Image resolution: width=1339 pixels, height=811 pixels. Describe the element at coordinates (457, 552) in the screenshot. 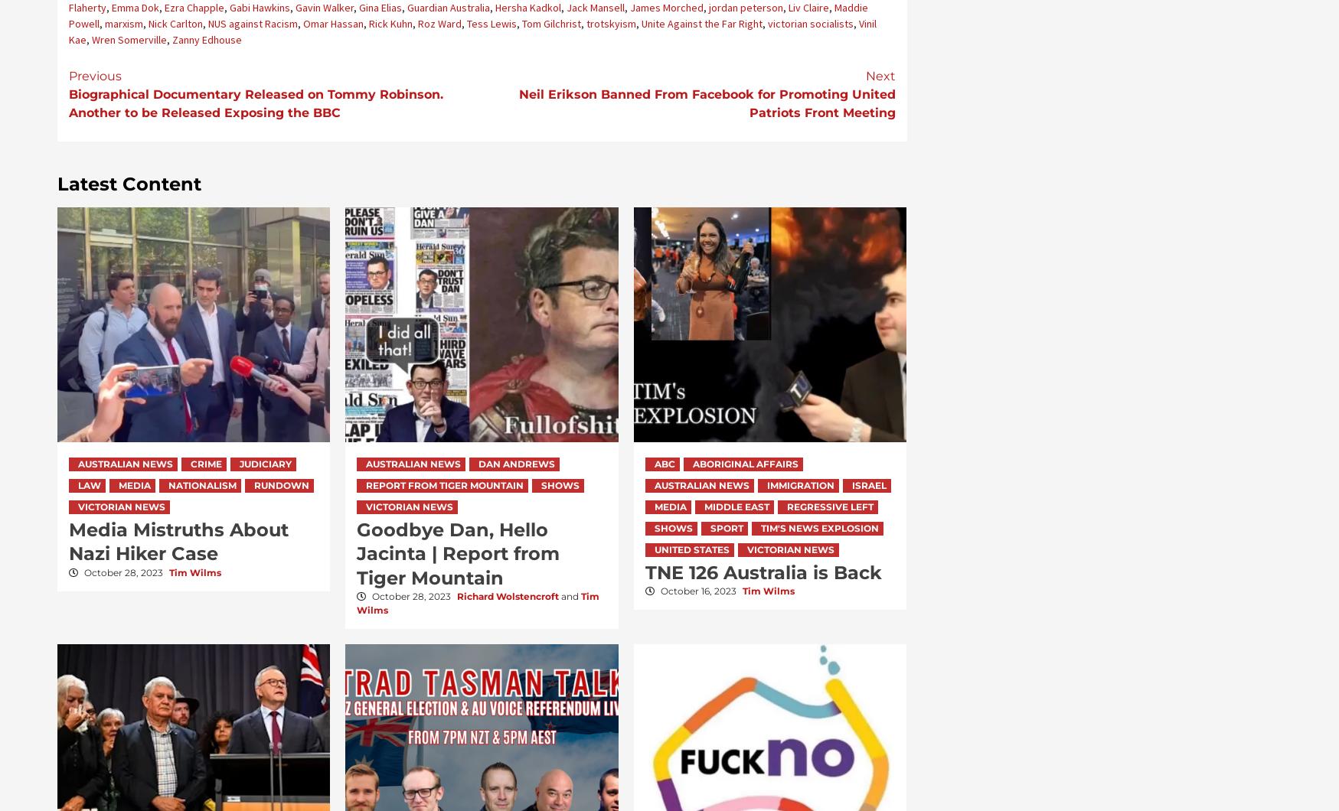

I see `'Goodbye Dan, Hello Jacinta | Report from Tiger Mountain'` at that location.